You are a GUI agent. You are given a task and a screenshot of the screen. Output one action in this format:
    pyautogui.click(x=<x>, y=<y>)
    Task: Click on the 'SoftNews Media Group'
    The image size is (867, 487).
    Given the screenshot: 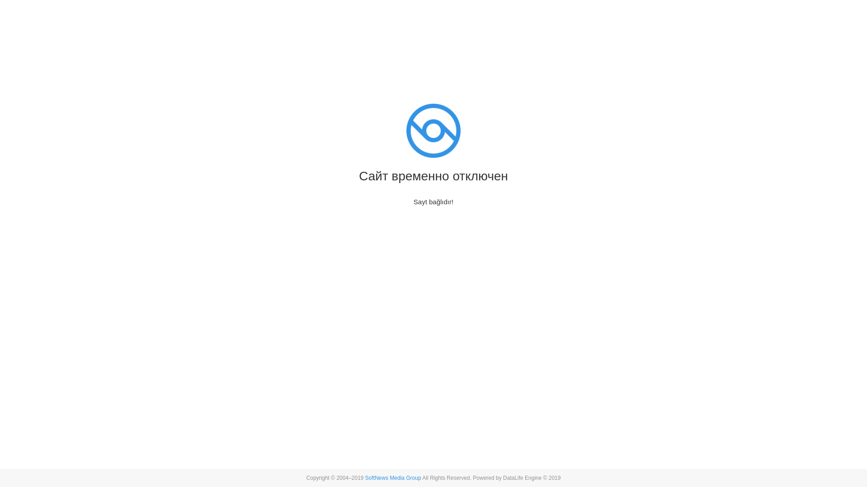 What is the action you would take?
    pyautogui.click(x=365, y=478)
    